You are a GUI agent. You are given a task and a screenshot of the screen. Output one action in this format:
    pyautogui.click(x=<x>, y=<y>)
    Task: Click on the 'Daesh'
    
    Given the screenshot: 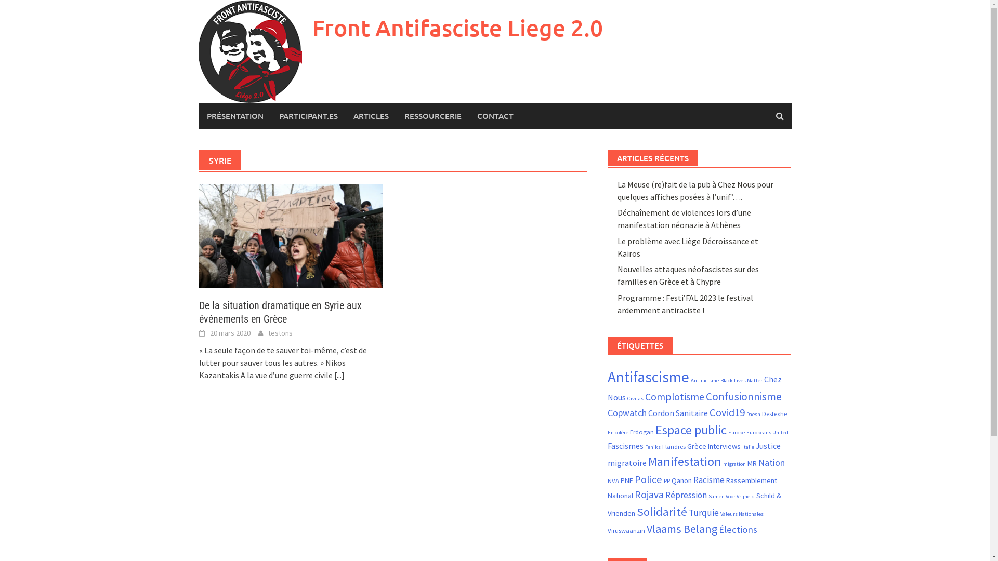 What is the action you would take?
    pyautogui.click(x=753, y=413)
    